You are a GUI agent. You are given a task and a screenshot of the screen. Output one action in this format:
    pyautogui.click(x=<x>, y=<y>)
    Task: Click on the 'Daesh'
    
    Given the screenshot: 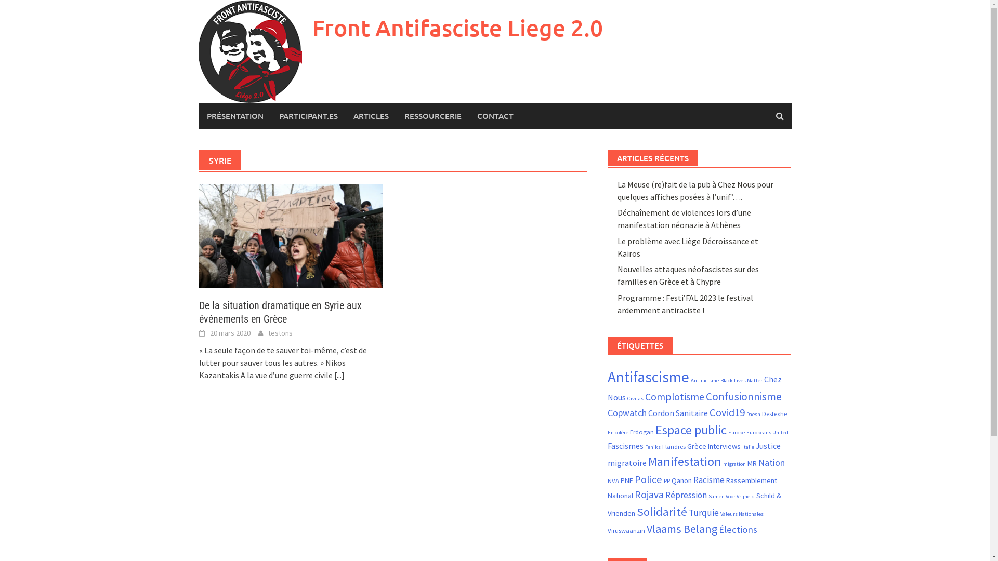 What is the action you would take?
    pyautogui.click(x=753, y=413)
    